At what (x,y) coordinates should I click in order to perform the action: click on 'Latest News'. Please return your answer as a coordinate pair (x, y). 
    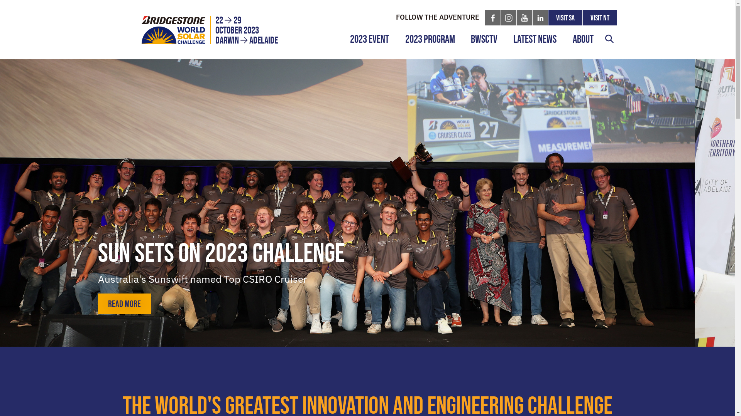
    Looking at the image, I should click on (535, 39).